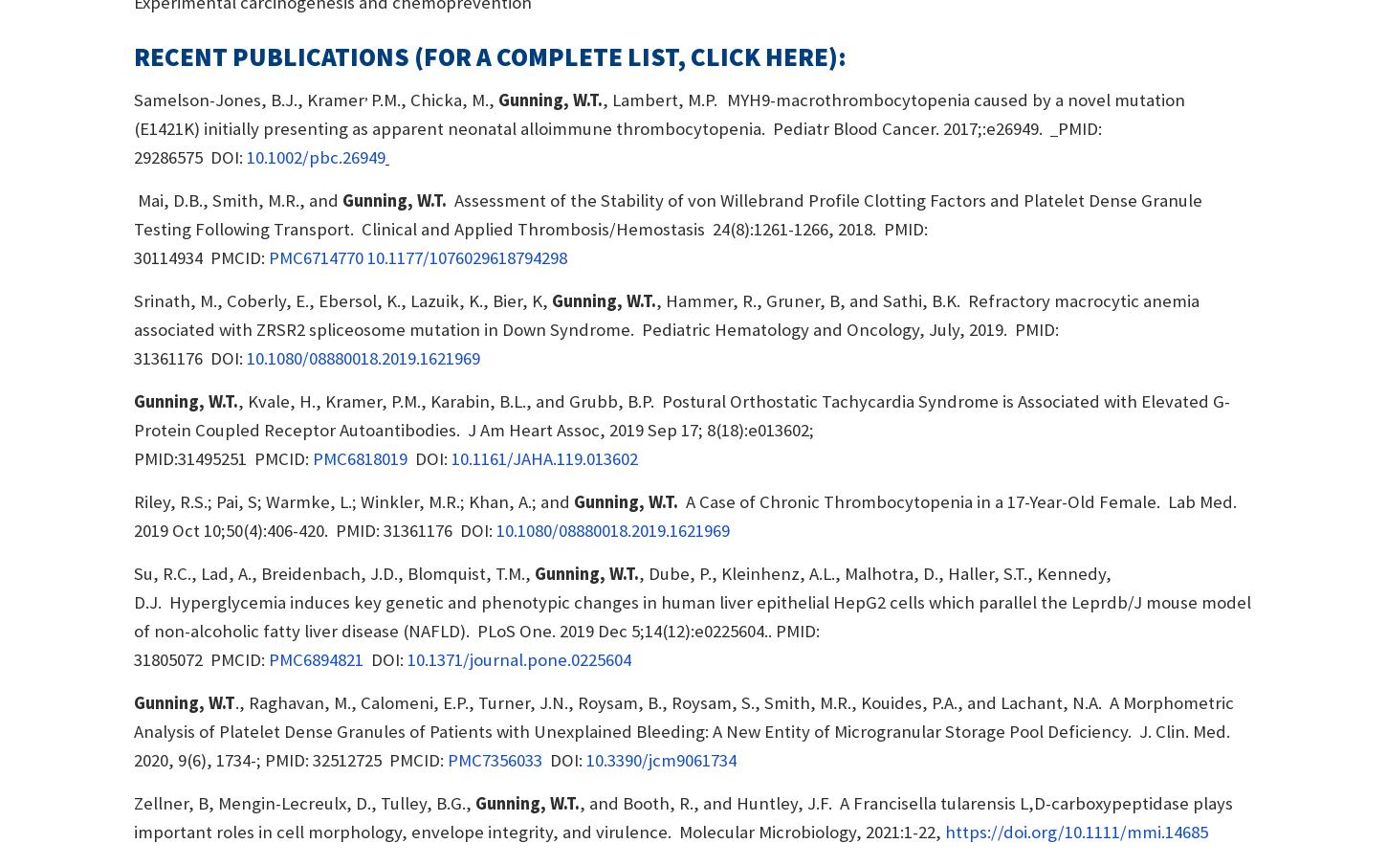  What do you see at coordinates (133, 142) in the screenshot?
I see `'PMID: 29286575  DOI:'` at bounding box center [133, 142].